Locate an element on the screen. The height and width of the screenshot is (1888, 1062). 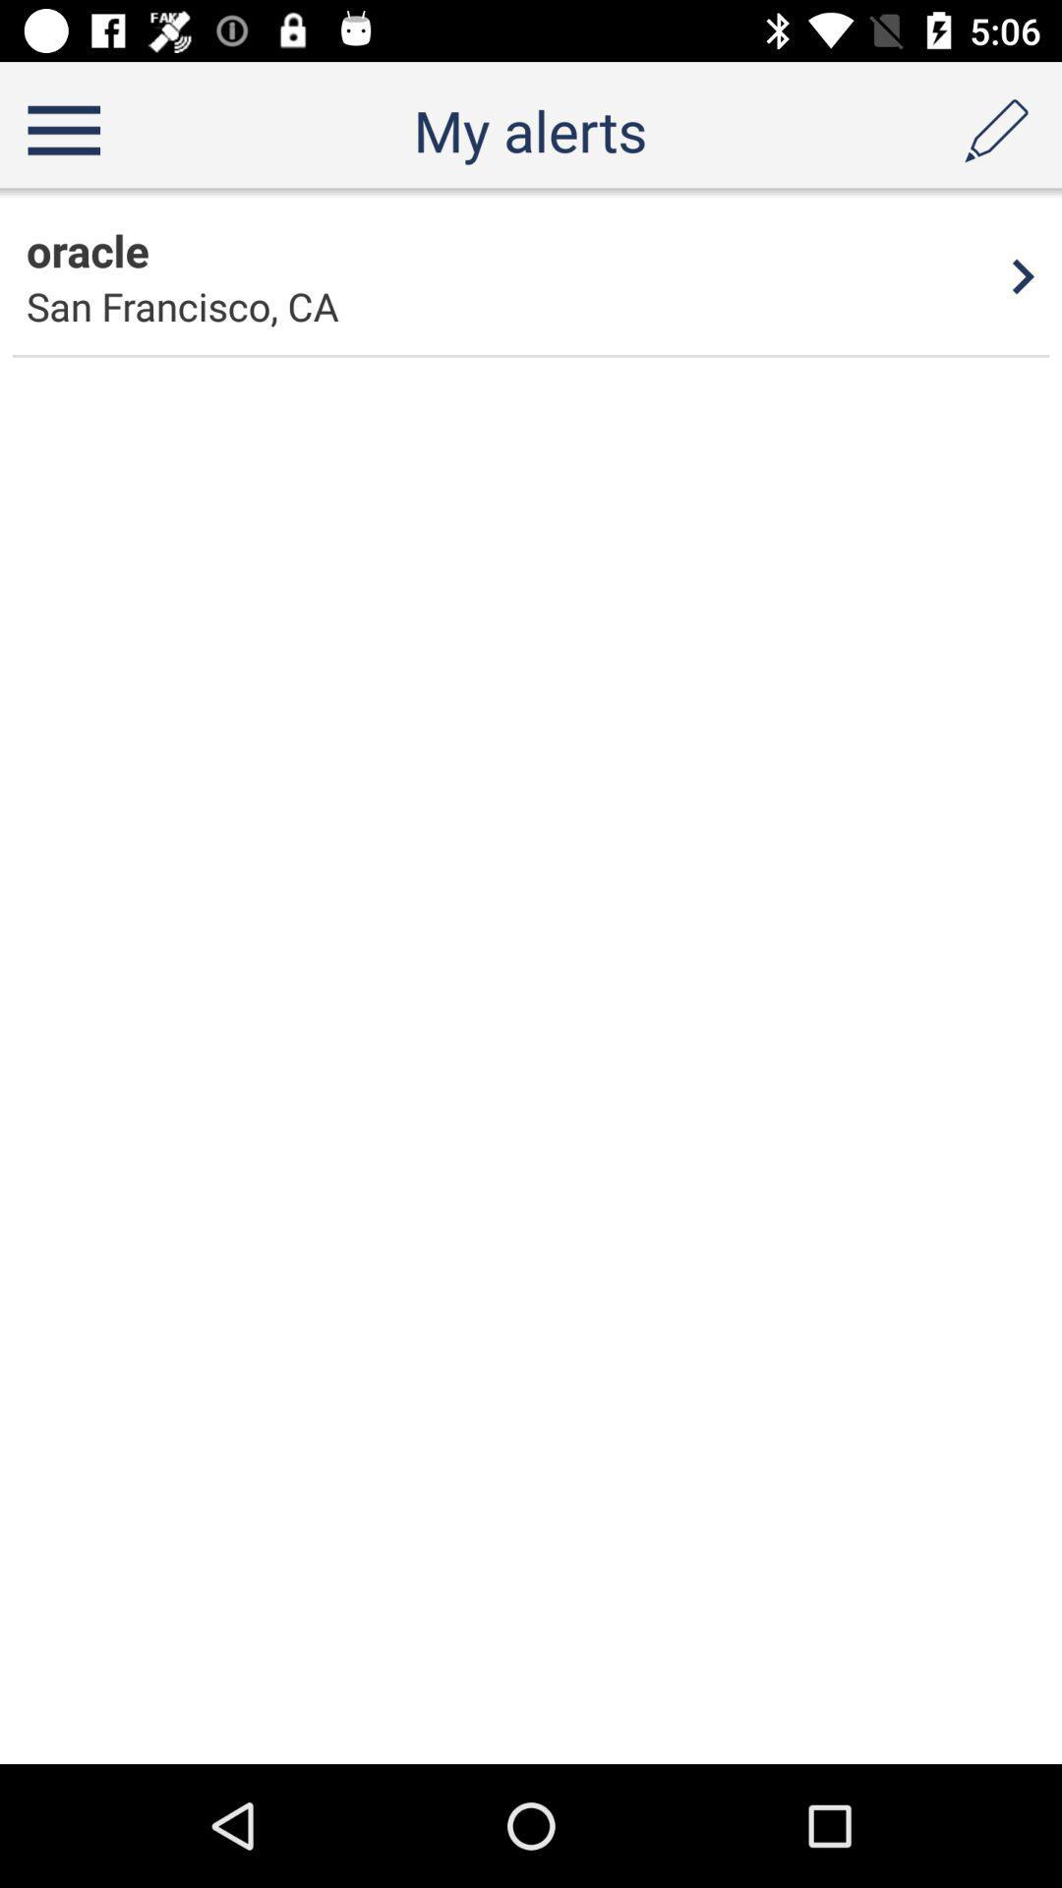
item next to the san francisco, ca icon is located at coordinates (1023, 275).